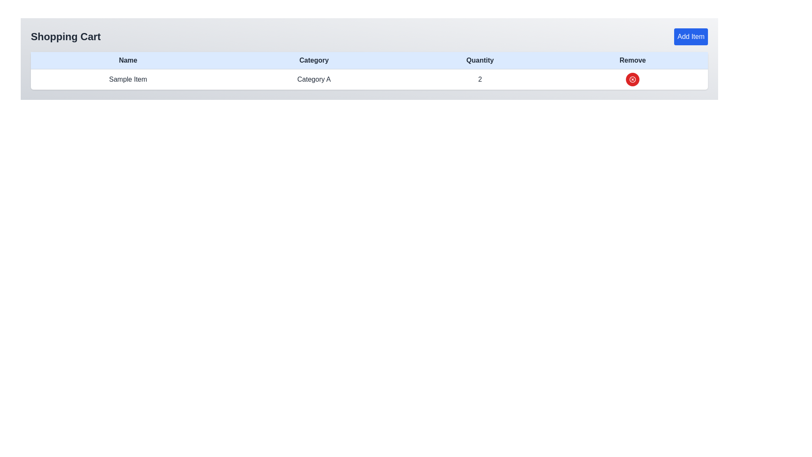  Describe the element at coordinates (127, 79) in the screenshot. I see `the text label reading 'Sample Item' to interact if enabled, located in the first cell of the table under the 'Name' column heading` at that location.